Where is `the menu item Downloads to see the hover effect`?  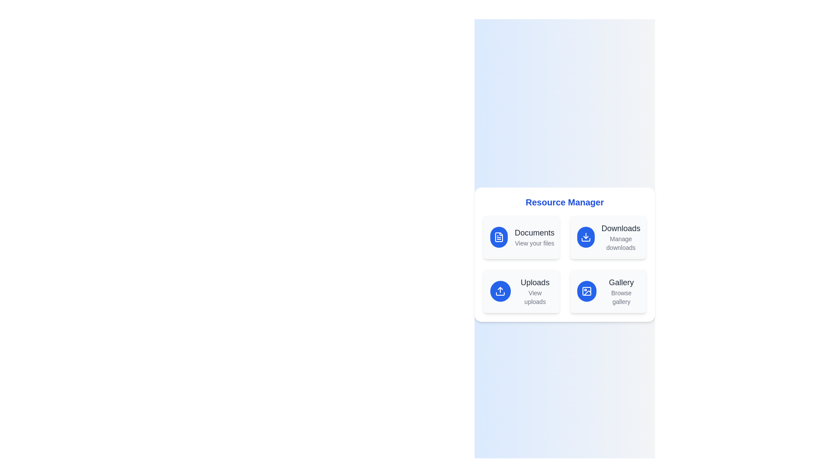
the menu item Downloads to see the hover effect is located at coordinates (607, 237).